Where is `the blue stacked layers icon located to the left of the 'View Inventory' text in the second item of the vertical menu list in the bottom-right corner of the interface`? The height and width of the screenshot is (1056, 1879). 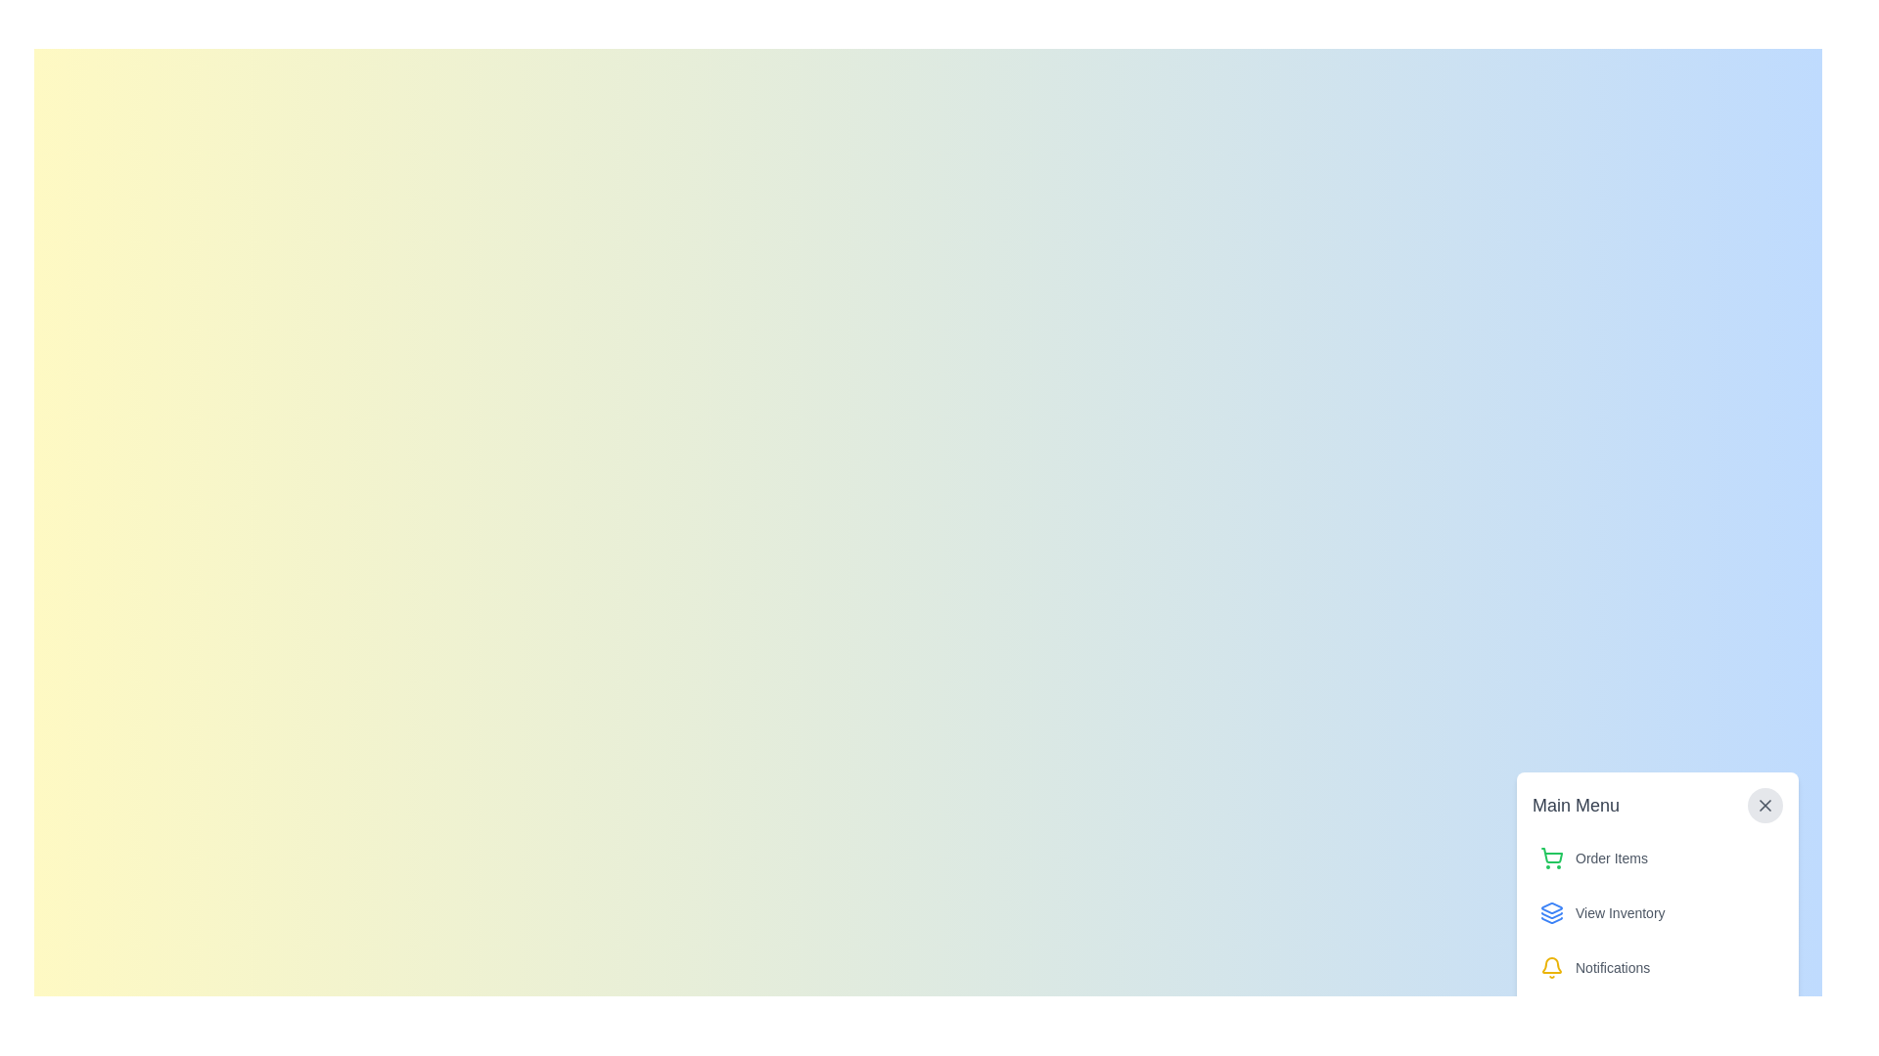 the blue stacked layers icon located to the left of the 'View Inventory' text in the second item of the vertical menu list in the bottom-right corner of the interface is located at coordinates (1550, 912).